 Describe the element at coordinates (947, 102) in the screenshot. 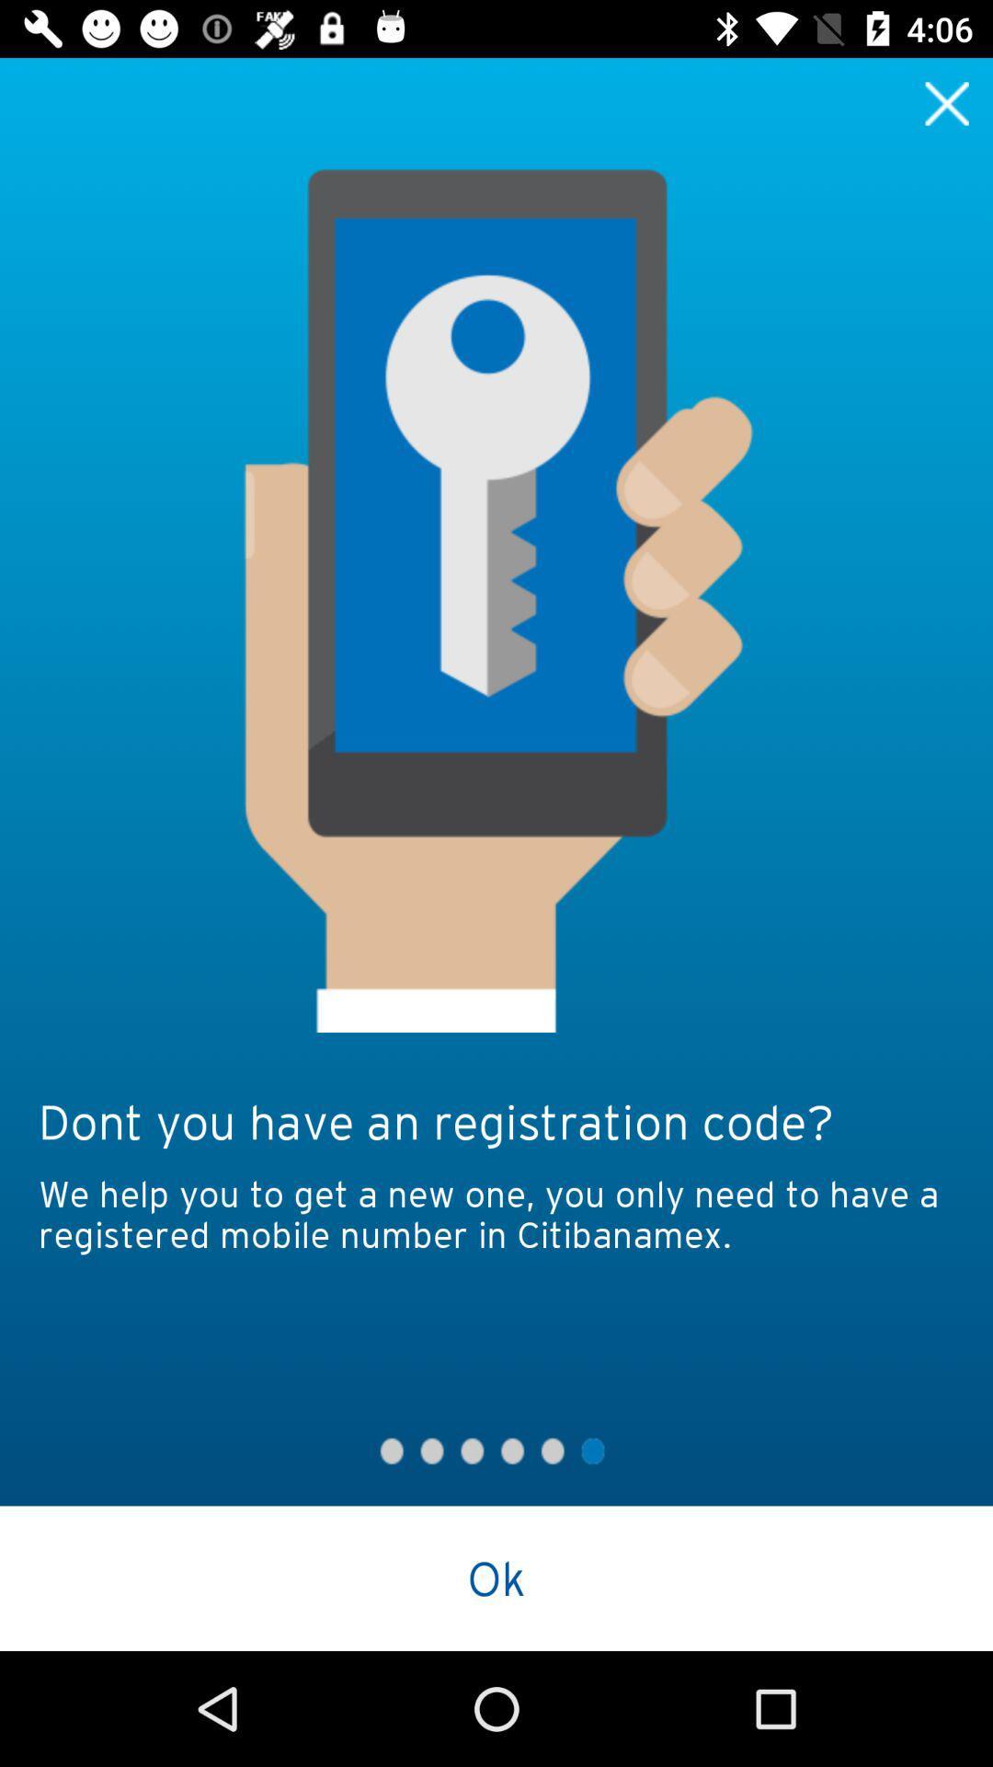

I see `this page` at that location.